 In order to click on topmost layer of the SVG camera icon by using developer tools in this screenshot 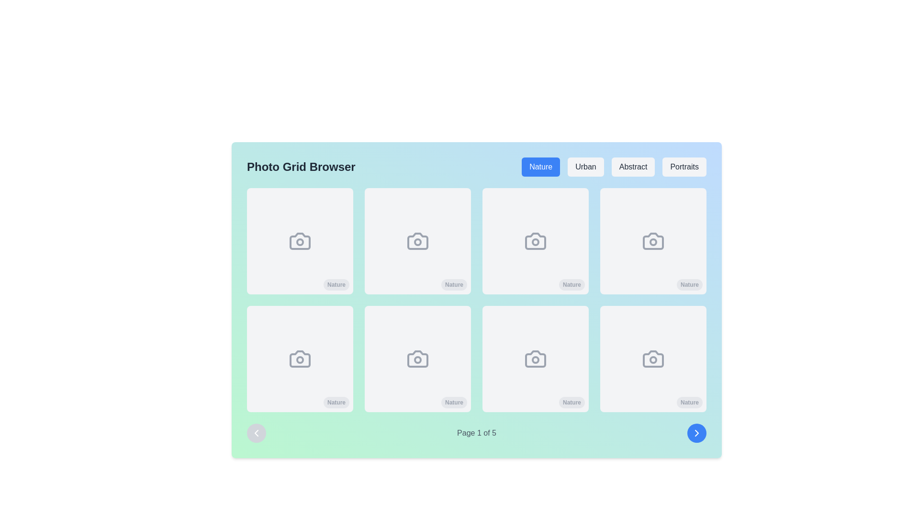, I will do `click(535, 241)`.